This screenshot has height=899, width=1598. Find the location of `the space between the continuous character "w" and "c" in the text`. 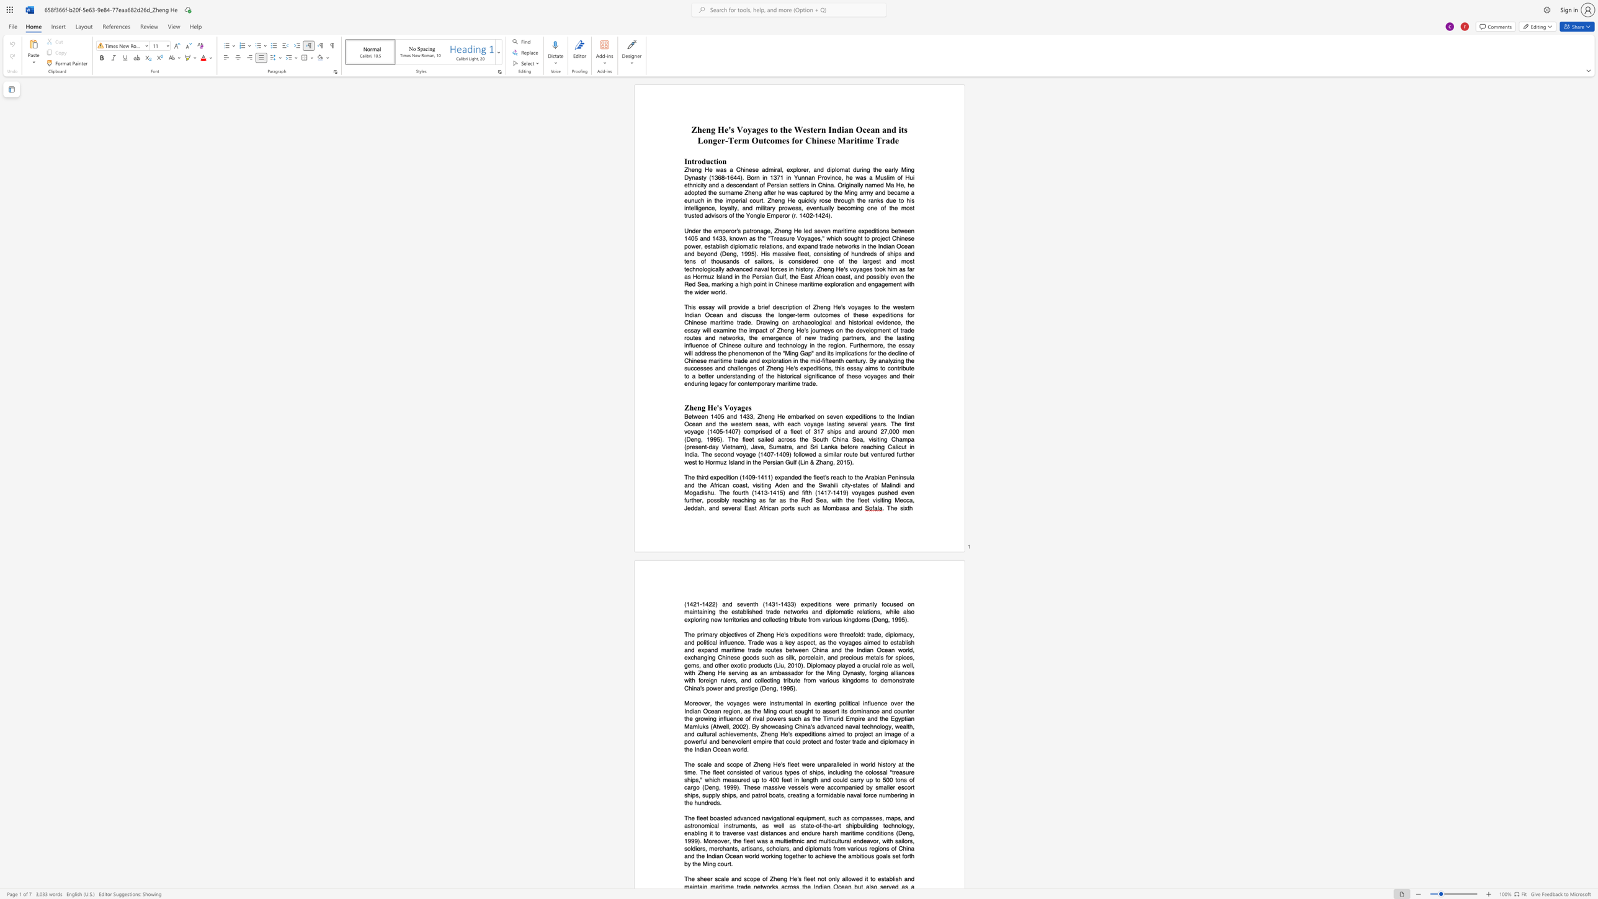

the space between the continuous character "w" and "c" in the text is located at coordinates (774, 726).